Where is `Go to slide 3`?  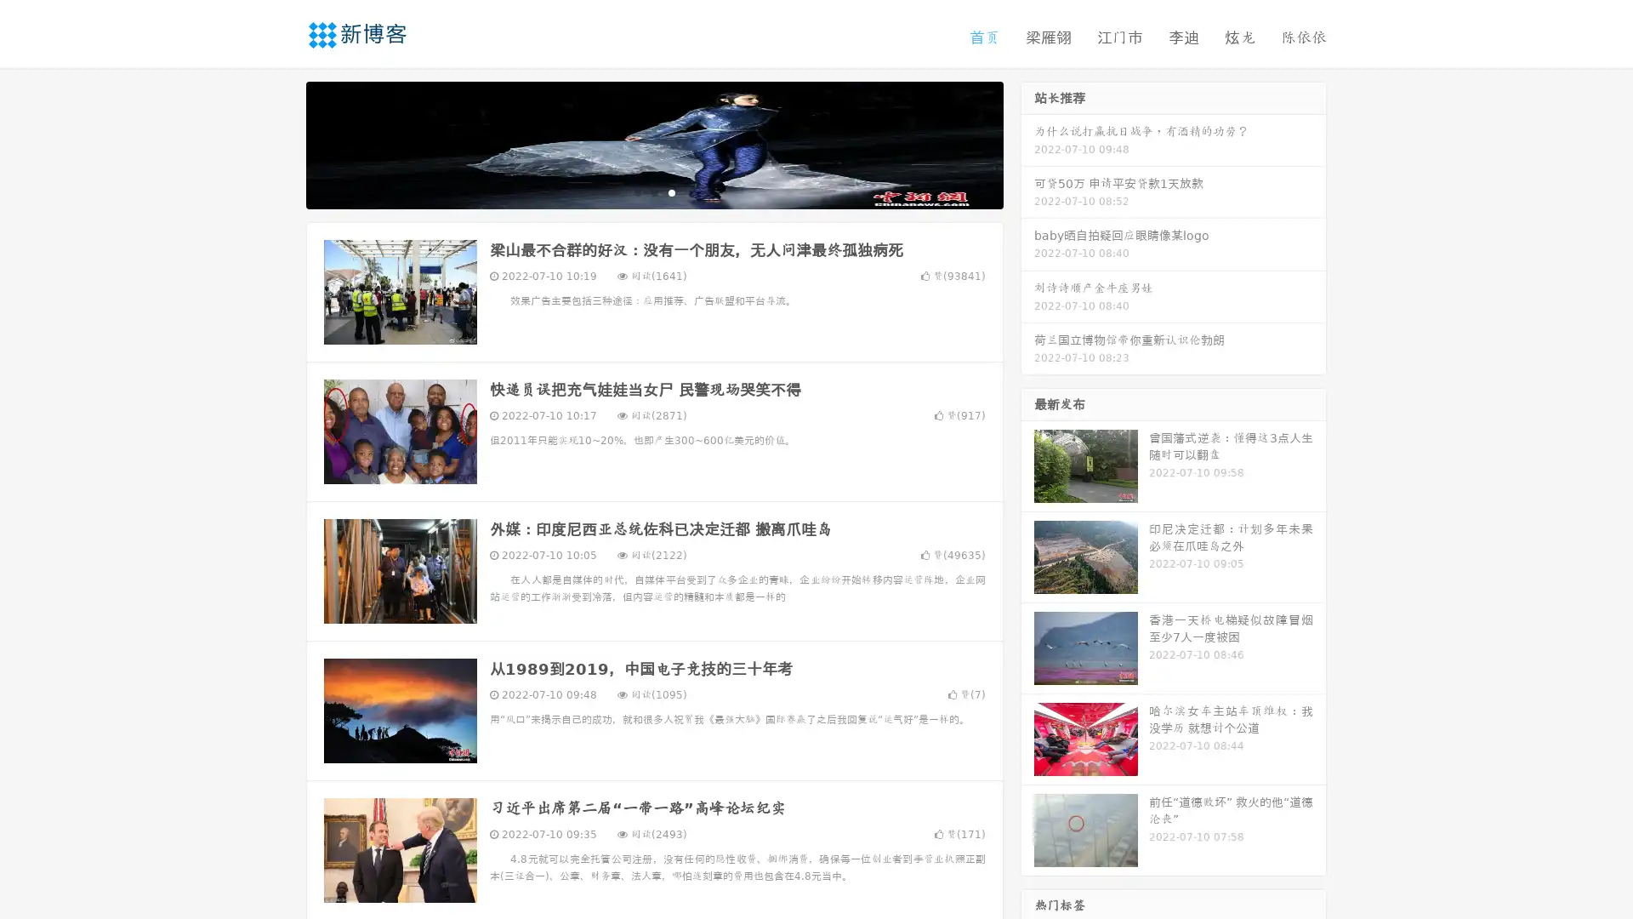 Go to slide 3 is located at coordinates (671, 191).